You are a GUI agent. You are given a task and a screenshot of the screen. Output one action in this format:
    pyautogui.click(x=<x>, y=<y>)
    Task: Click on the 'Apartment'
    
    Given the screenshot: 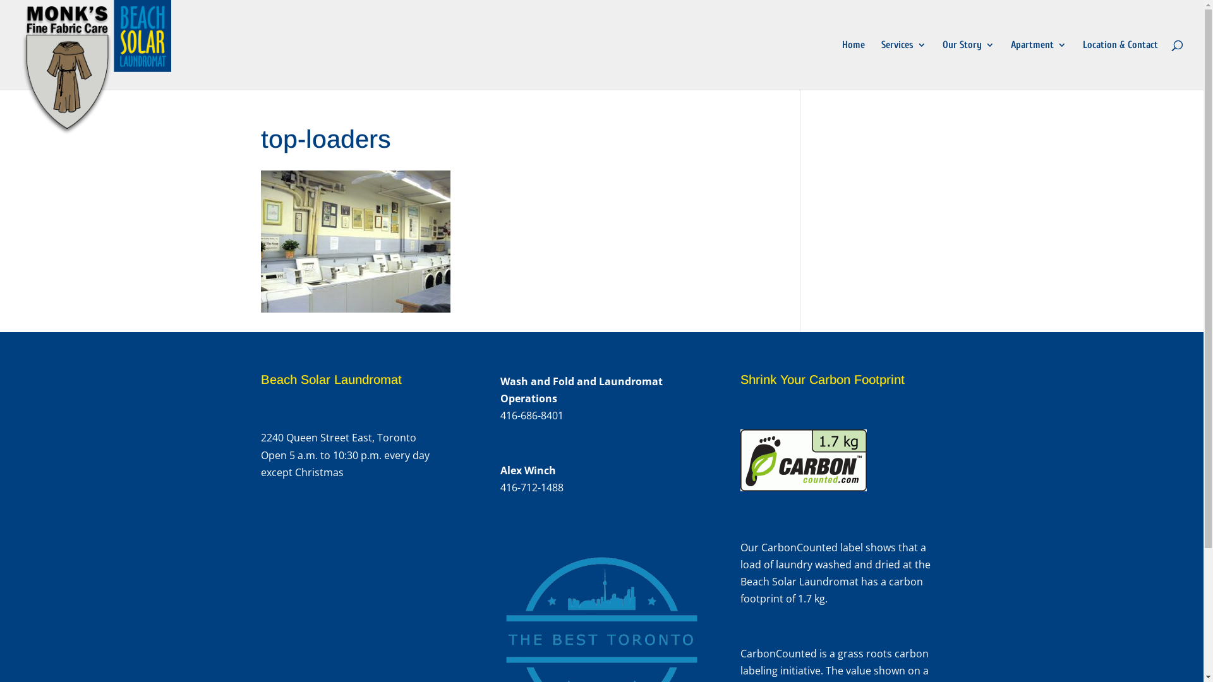 What is the action you would take?
    pyautogui.click(x=1038, y=65)
    